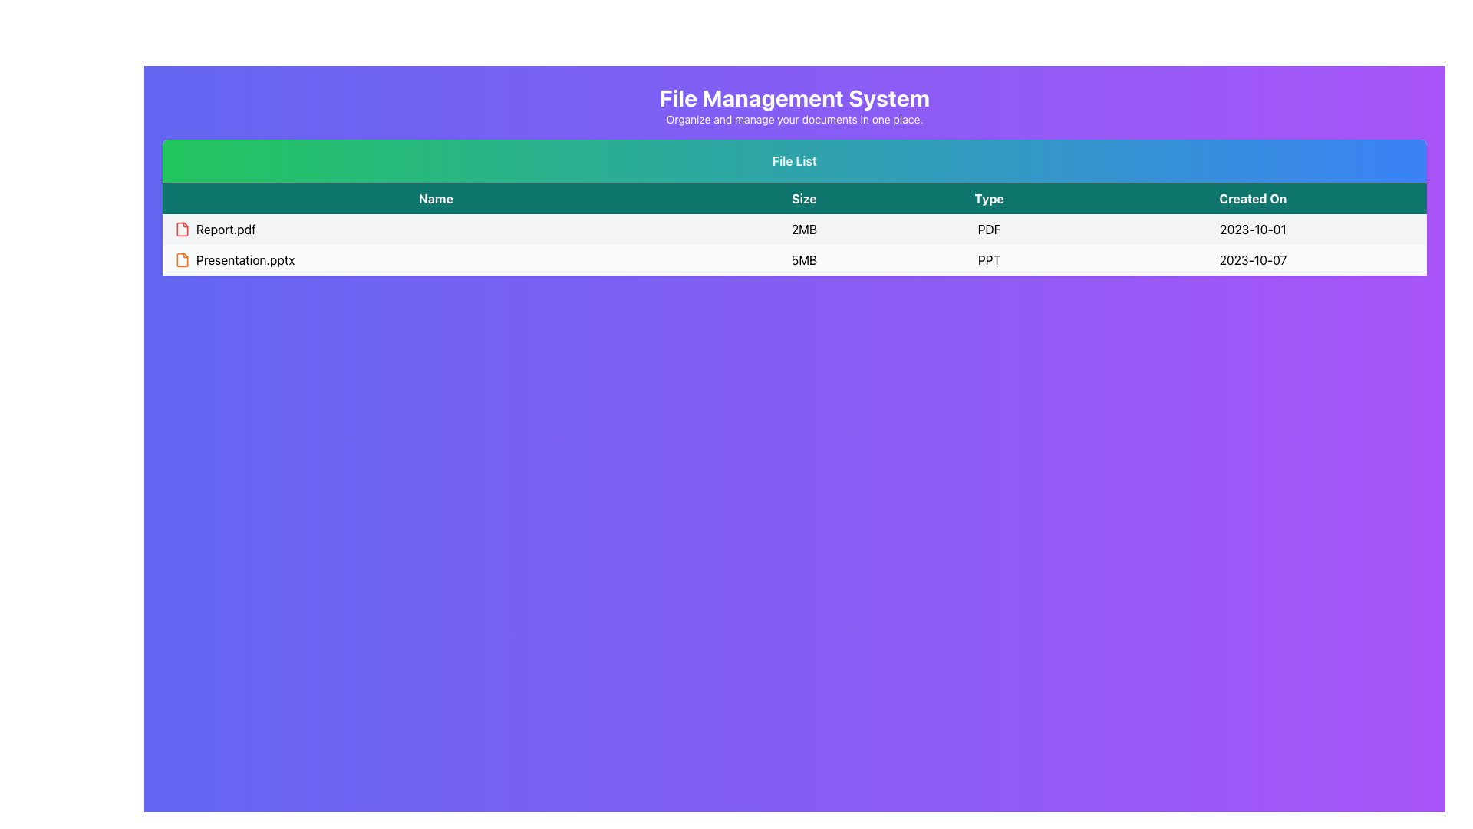 The image size is (1473, 829). Describe the element at coordinates (795, 105) in the screenshot. I see `displayed title and brief description text in the top center text block of the 'File Management System' page` at that location.